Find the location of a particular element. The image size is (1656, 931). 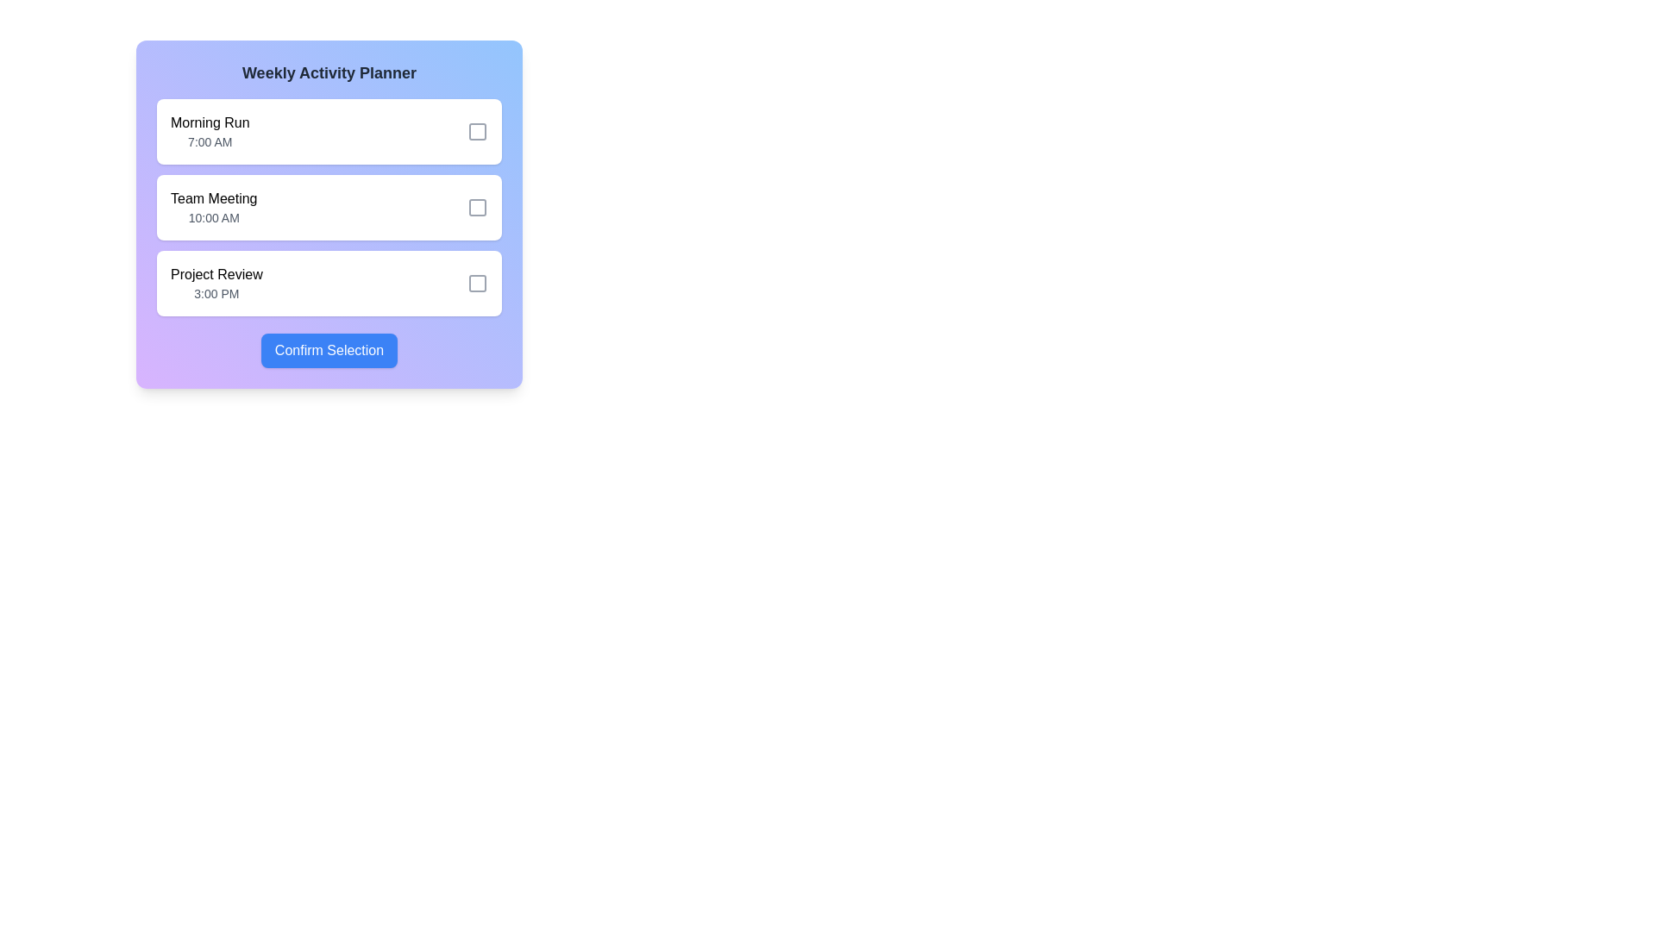

the text element displaying '7:00 AM', which is located below 'Morning Run' in the first box of the 'Weekly Activity Planner' is located at coordinates (209, 141).